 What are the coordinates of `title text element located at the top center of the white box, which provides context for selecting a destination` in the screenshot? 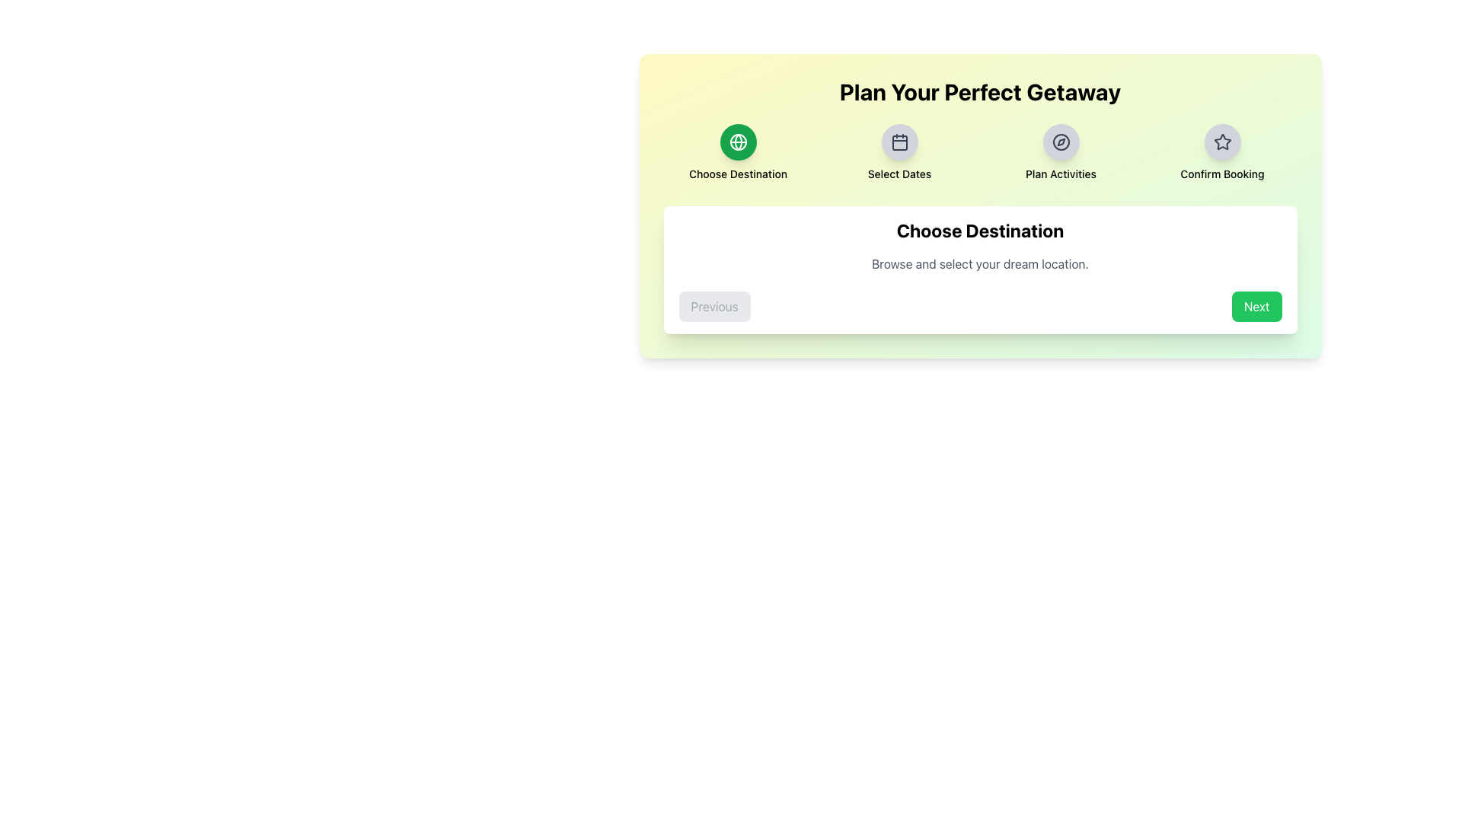 It's located at (980, 231).